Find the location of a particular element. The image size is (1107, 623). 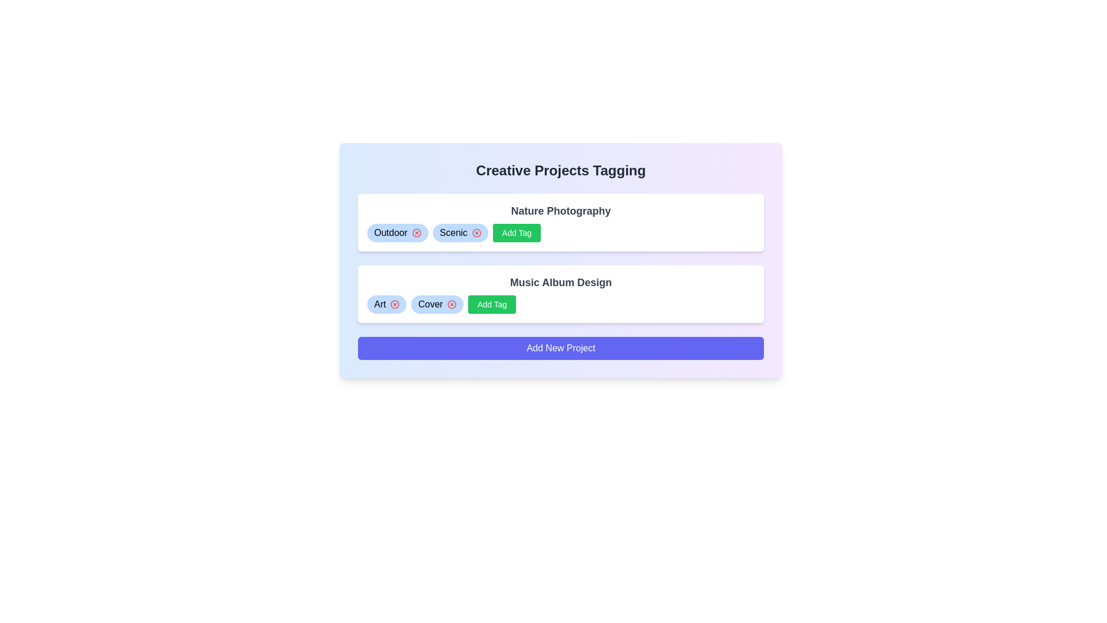

the circular red 'X' button located at the far-right side of the 'Cover' label in the blue rounded rectangle under 'Music Album Design' is located at coordinates (451, 304).